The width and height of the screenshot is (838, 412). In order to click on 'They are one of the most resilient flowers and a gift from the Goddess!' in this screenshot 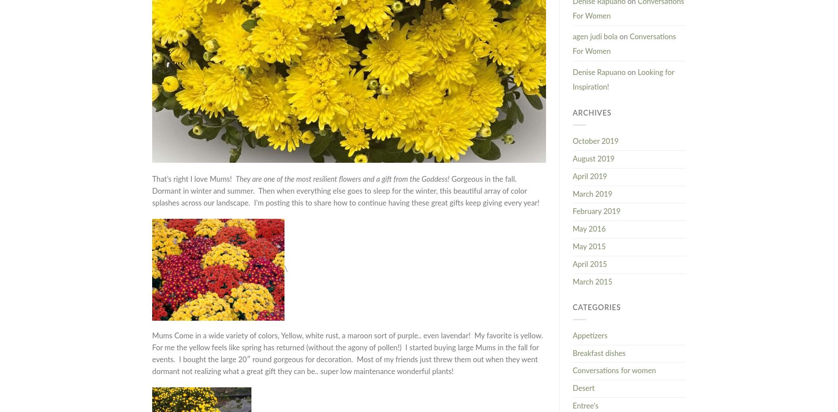, I will do `click(342, 178)`.